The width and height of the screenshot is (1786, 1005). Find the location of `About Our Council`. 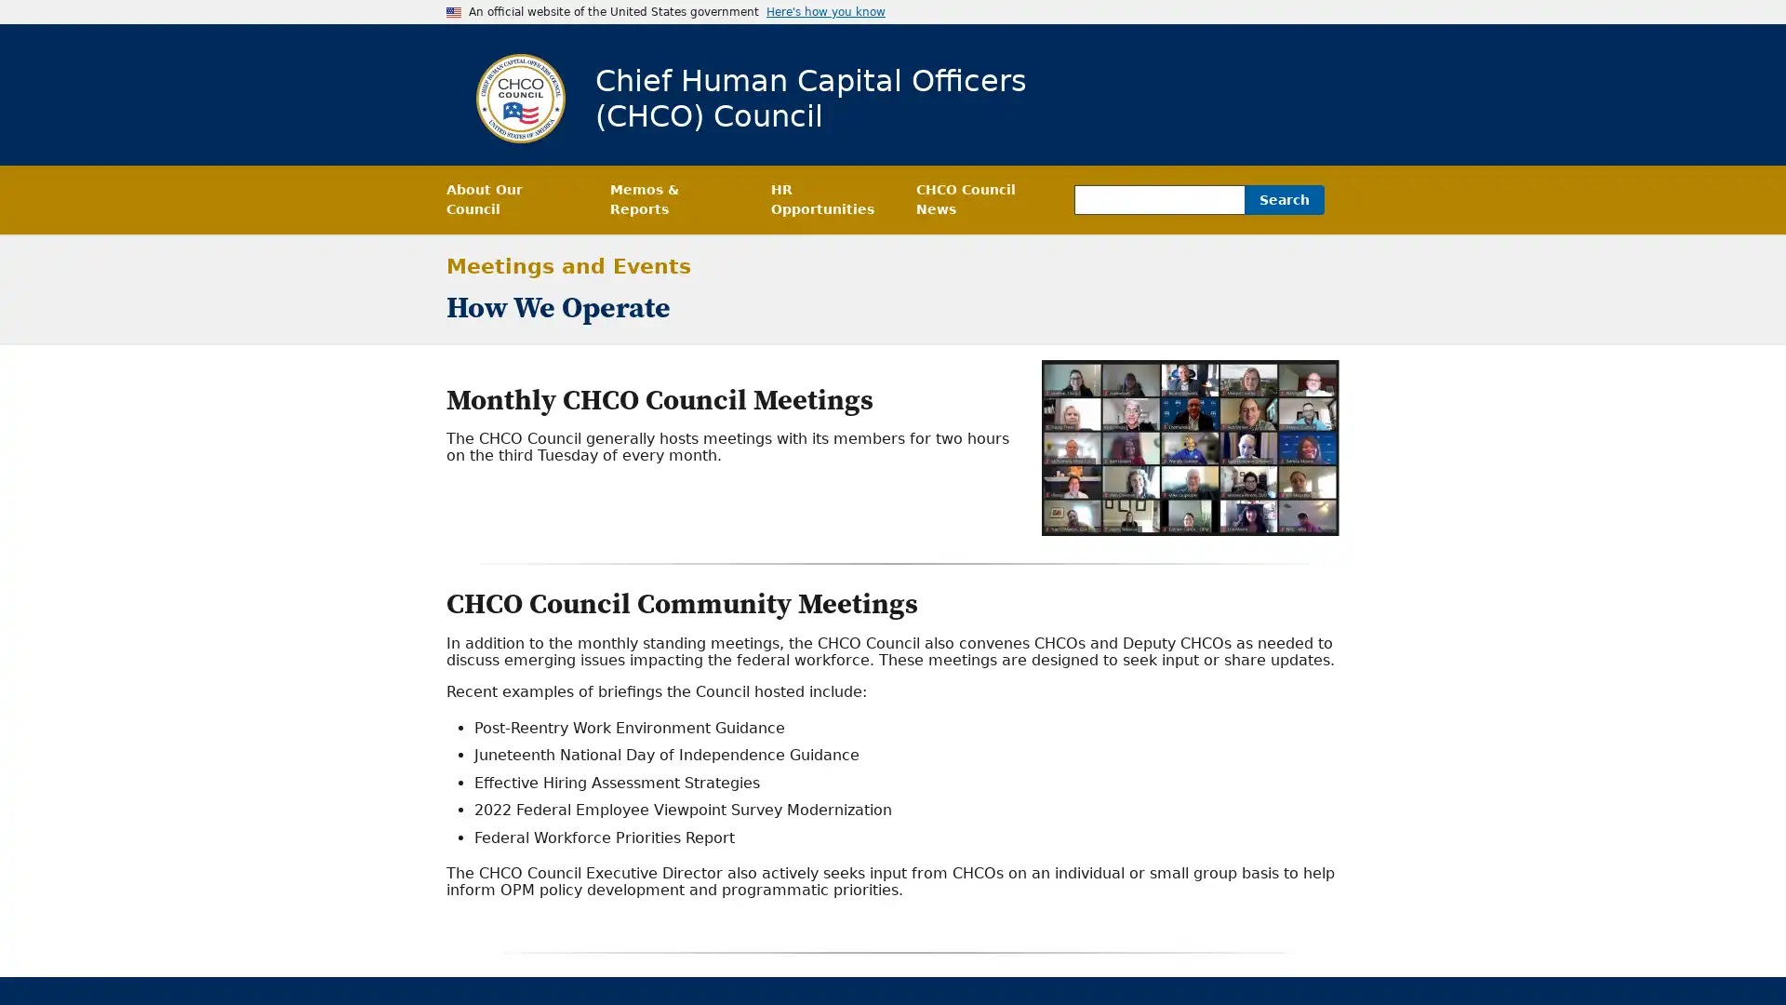

About Our Council is located at coordinates (513, 200).